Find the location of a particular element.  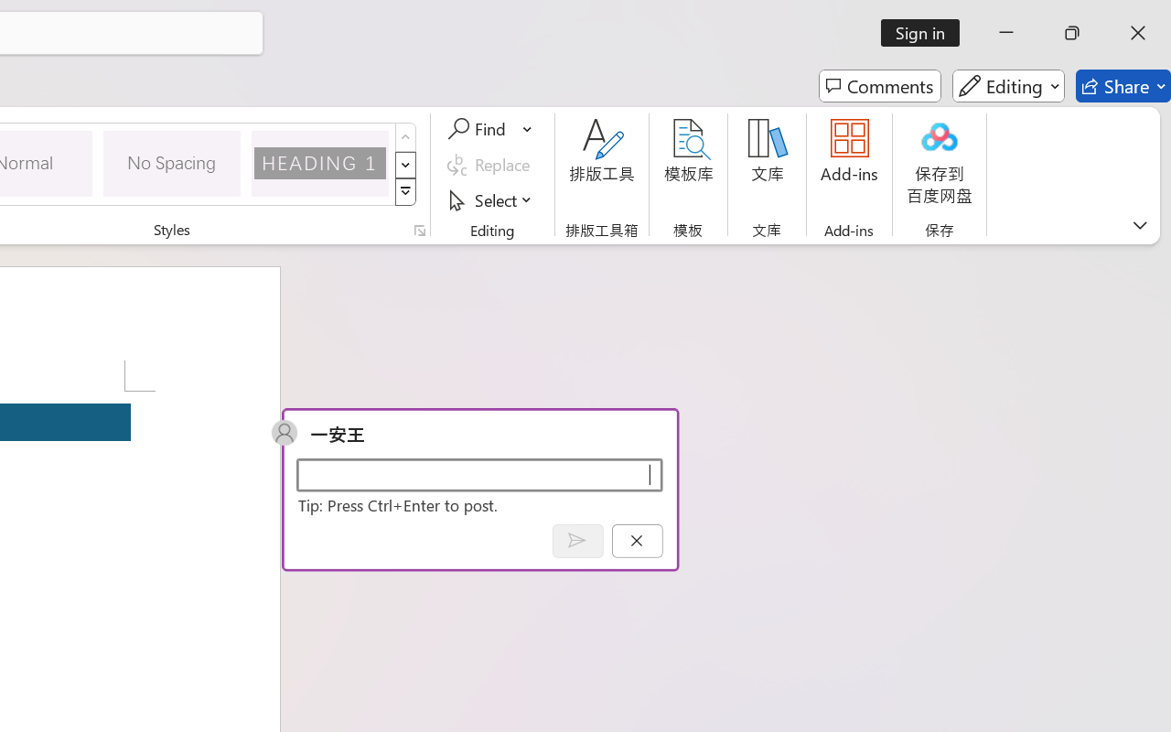

'Cancel' is located at coordinates (637, 540).